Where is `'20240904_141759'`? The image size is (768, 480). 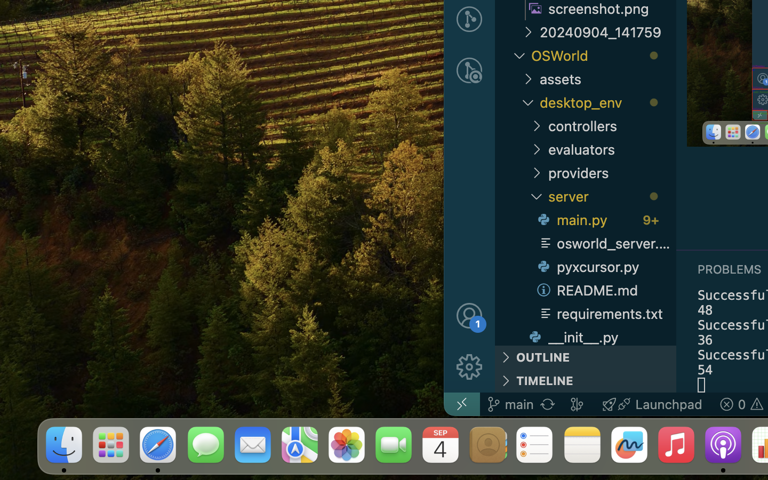
'20240904_141759' is located at coordinates (607, 31).